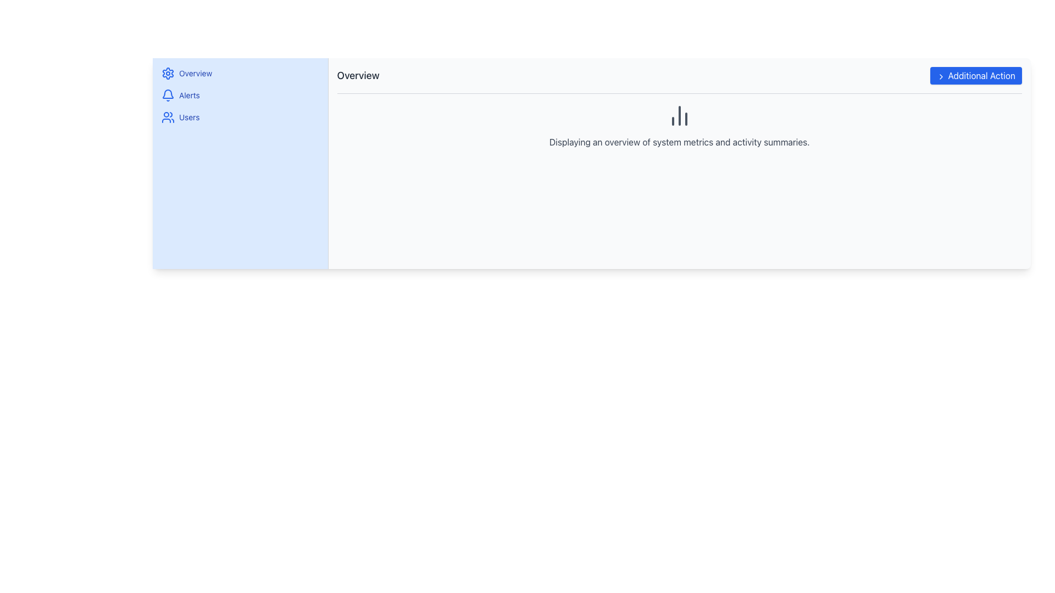 The width and height of the screenshot is (1055, 593). What do you see at coordinates (195, 74) in the screenshot?
I see `the 'Overview' text label in the navigational menu` at bounding box center [195, 74].